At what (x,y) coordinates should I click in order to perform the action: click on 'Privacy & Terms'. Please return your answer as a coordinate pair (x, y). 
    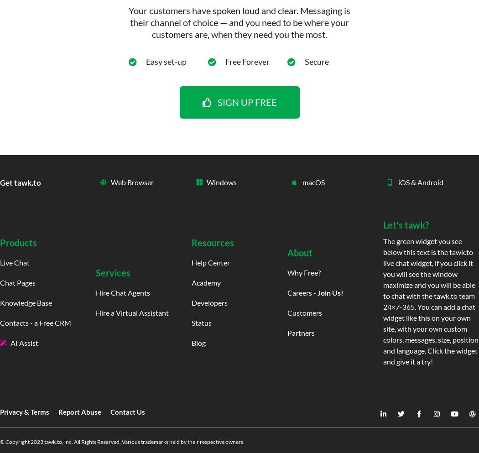
    Looking at the image, I should click on (24, 411).